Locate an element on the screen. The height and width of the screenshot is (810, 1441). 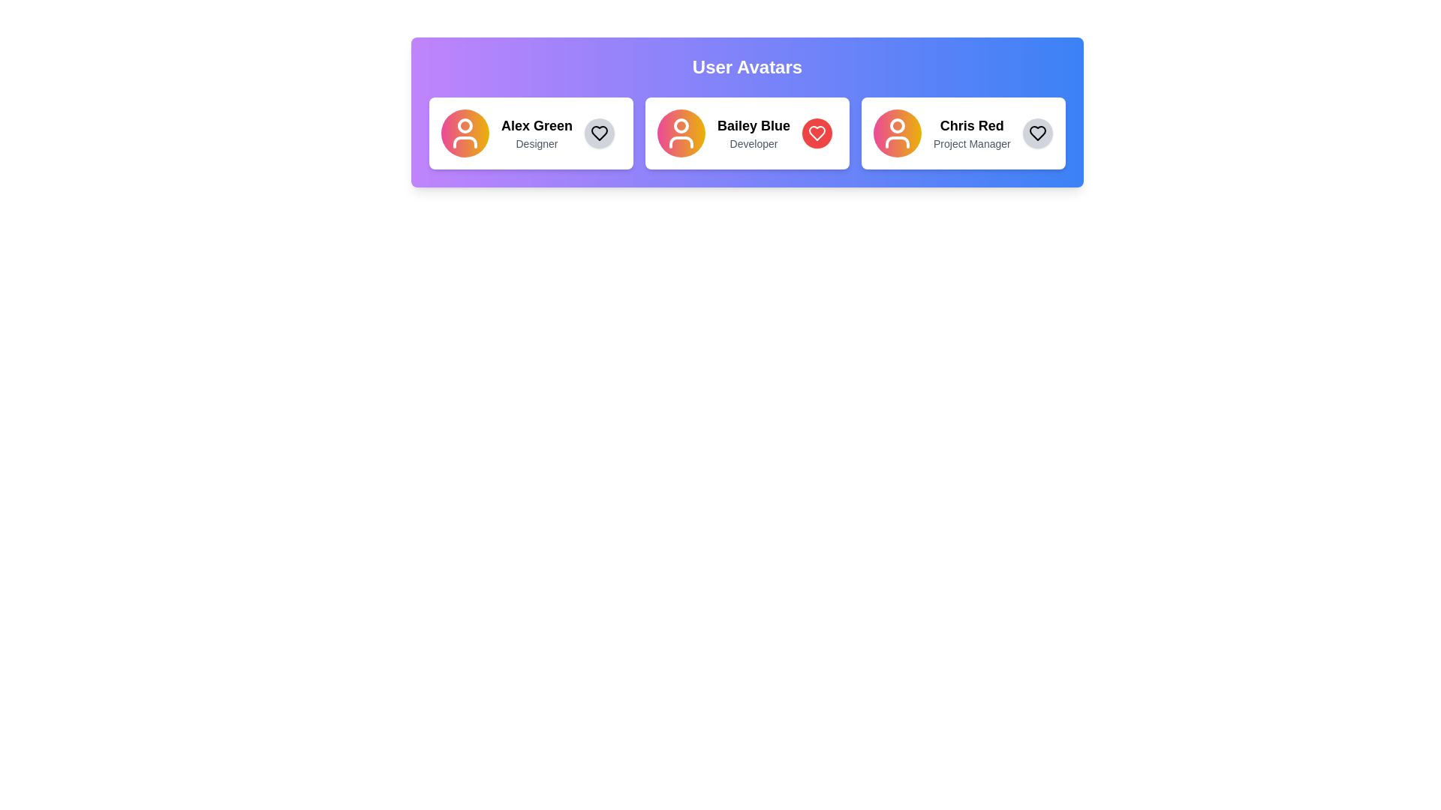
the small circular decorative element located at the upper part of the leftmost user avatar icon labeled 'Alex Green' is located at coordinates (464, 125).